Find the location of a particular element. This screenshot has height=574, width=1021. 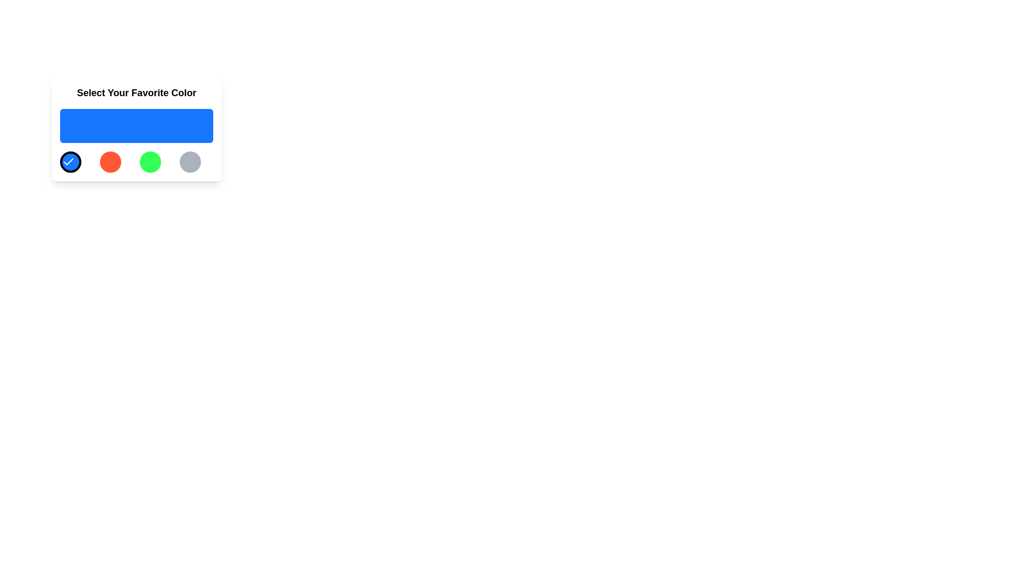

the green color selection button, which is the third button in a horizontal grid layout between the red button and the gray button is located at coordinates (150, 162).